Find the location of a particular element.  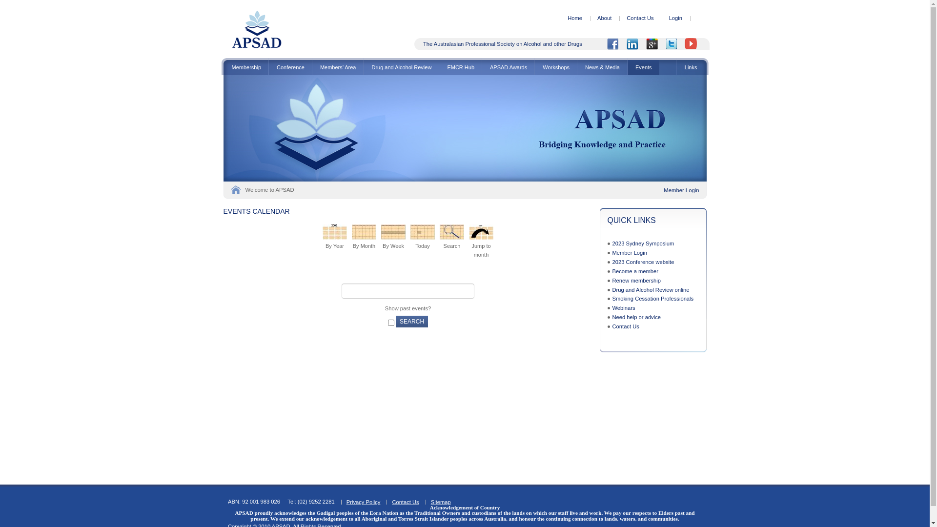

'APSAD Awards' is located at coordinates (508, 67).